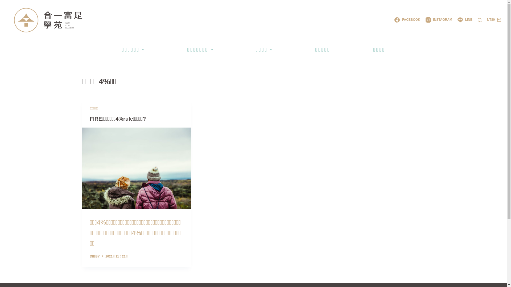 The width and height of the screenshot is (511, 287). Describe the element at coordinates (465, 19) in the screenshot. I see `'LINE'` at that location.